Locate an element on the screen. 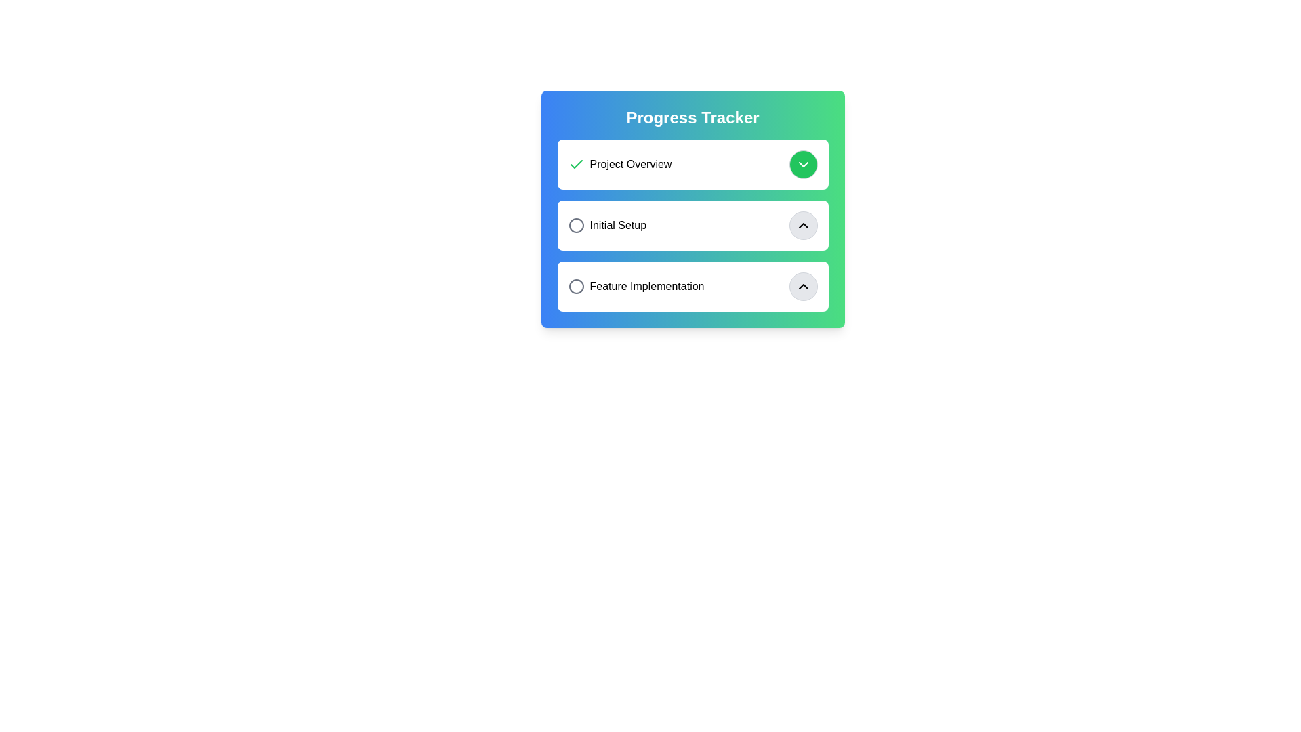 The height and width of the screenshot is (732, 1301). context of the 'Initial Setup' text label, which is styled in black and located to the right of an unfilled circular icon within the 'Progress Tracker' card is located at coordinates (606, 224).